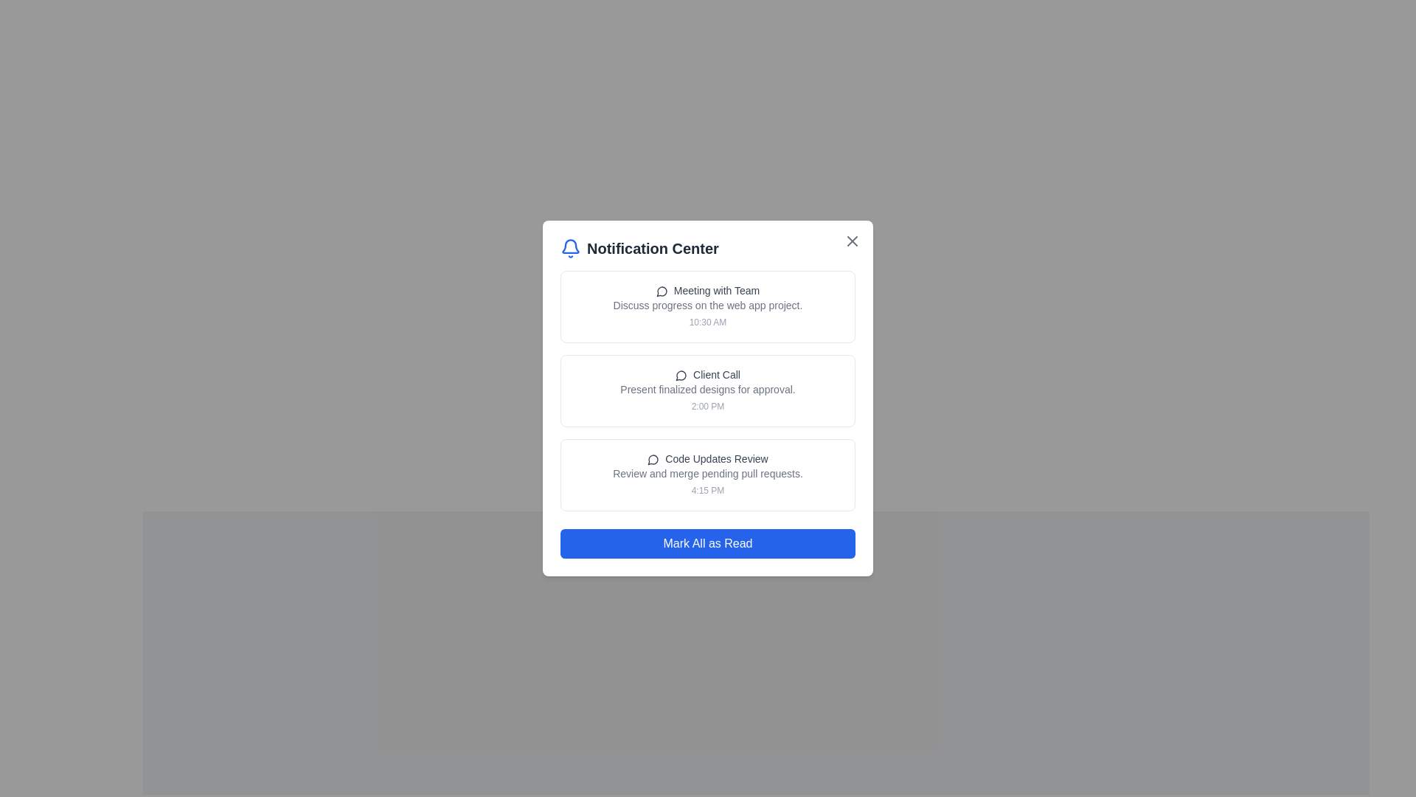 This screenshot has height=797, width=1416. What do you see at coordinates (708, 321) in the screenshot?
I see `the text label displaying the timestamp '10:30 AM' located at the bottom right corner of the 'Meeting with Team' notification card` at bounding box center [708, 321].